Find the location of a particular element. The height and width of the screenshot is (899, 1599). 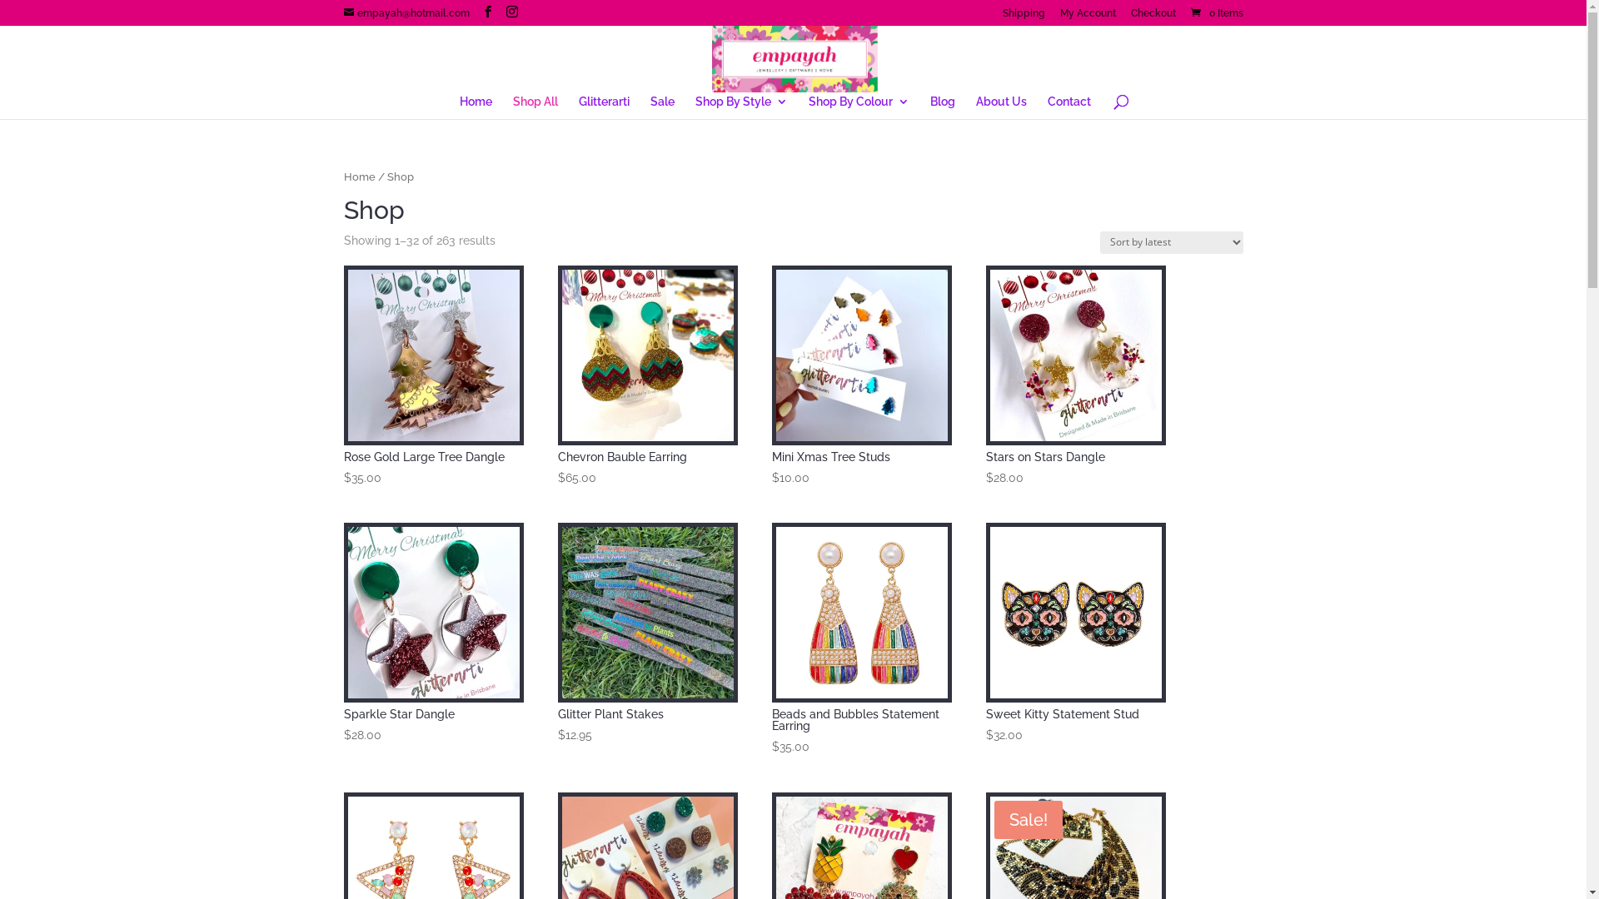

'Sparkle Star Dangle is located at coordinates (432, 634).